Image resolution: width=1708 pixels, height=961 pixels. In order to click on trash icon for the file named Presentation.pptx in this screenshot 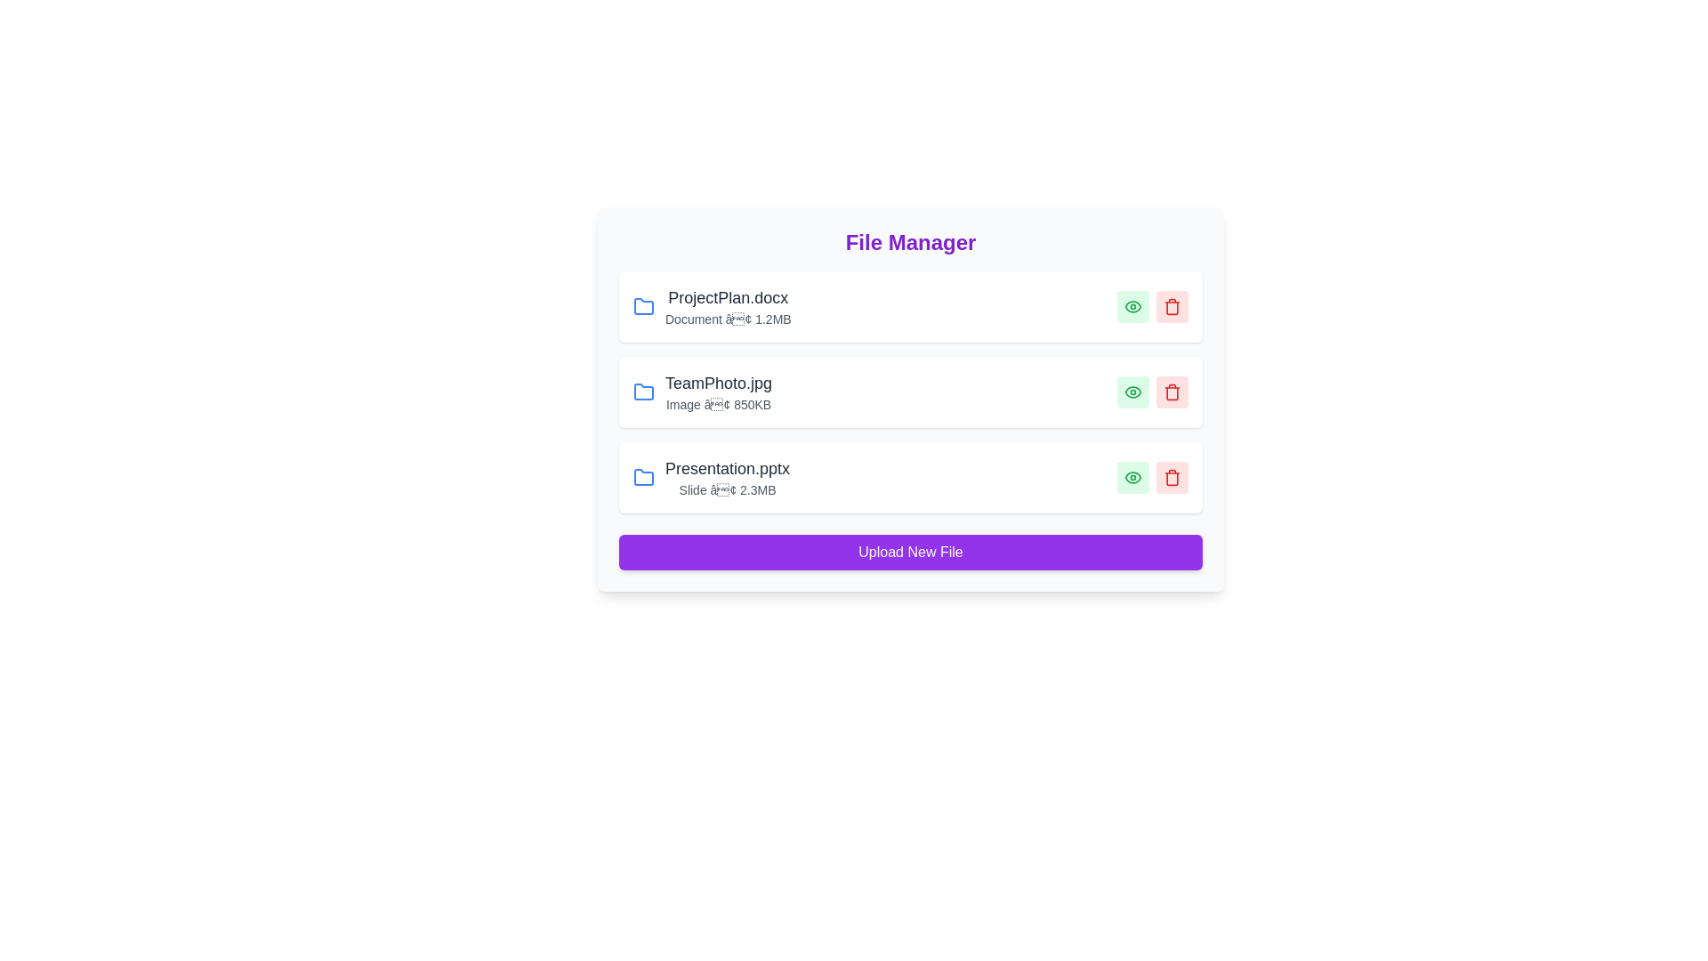, I will do `click(1172, 476)`.